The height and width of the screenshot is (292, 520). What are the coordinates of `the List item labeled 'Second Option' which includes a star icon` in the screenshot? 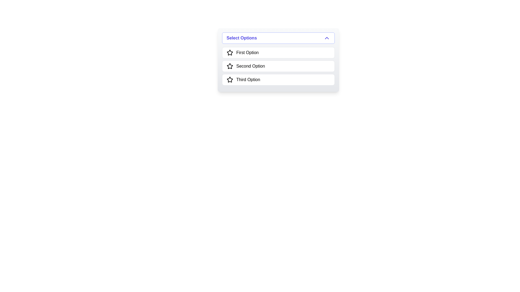 It's located at (245, 66).